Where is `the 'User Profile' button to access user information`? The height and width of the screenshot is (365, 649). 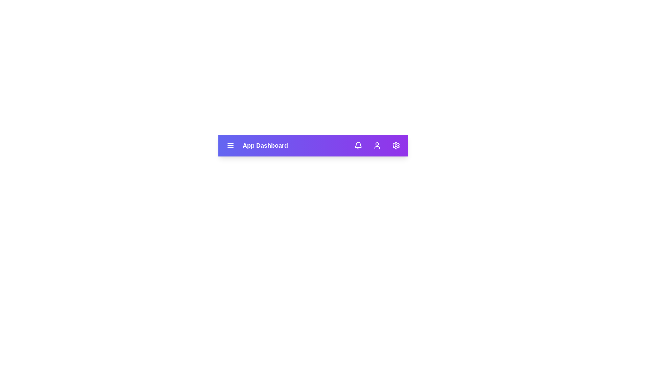
the 'User Profile' button to access user information is located at coordinates (377, 145).